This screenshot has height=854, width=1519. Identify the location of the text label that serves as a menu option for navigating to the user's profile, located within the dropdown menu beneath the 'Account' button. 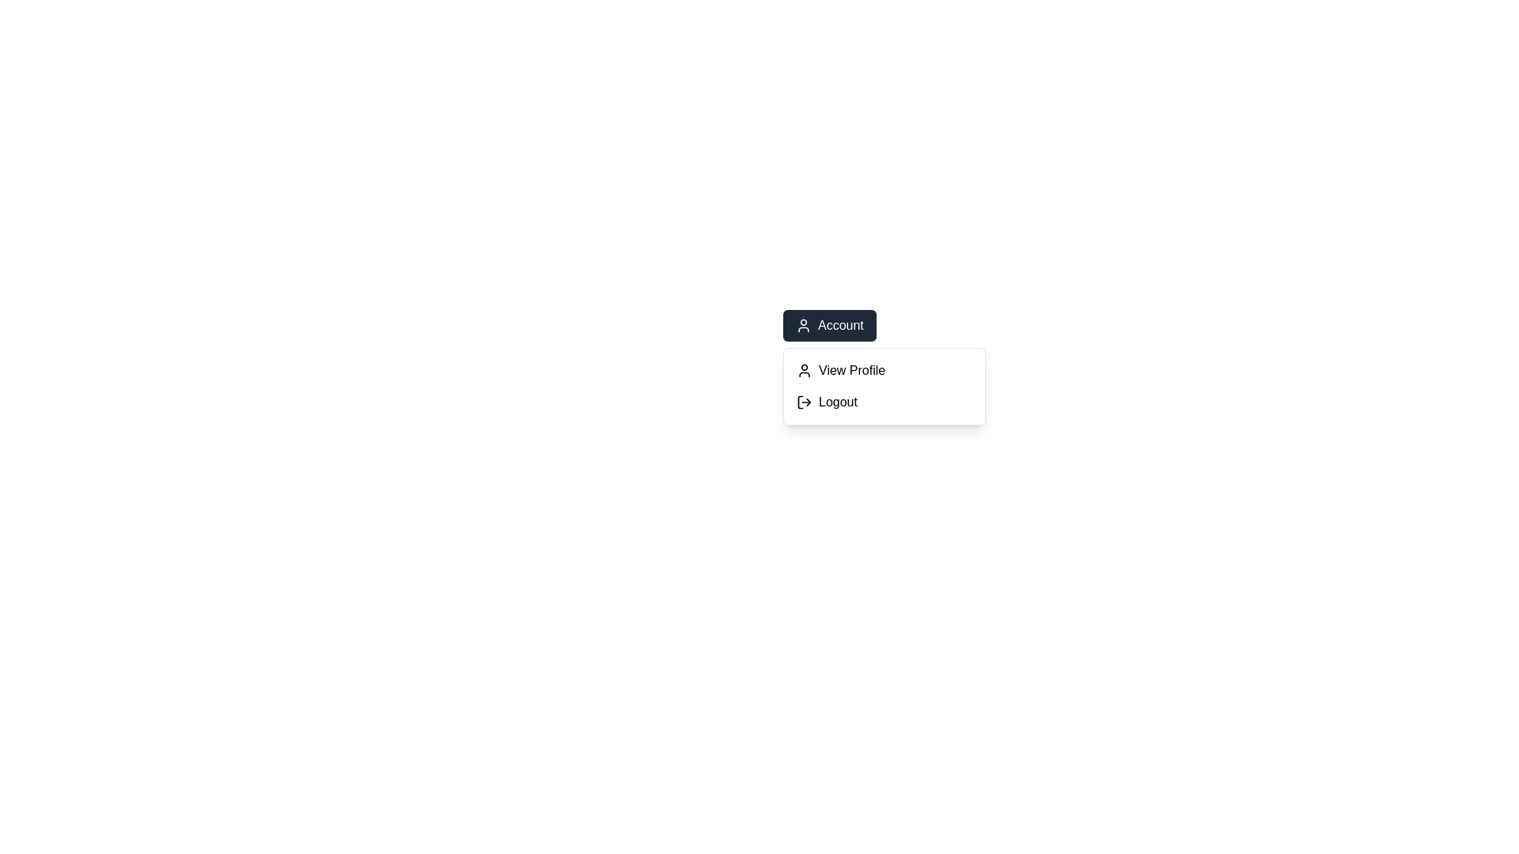
(851, 371).